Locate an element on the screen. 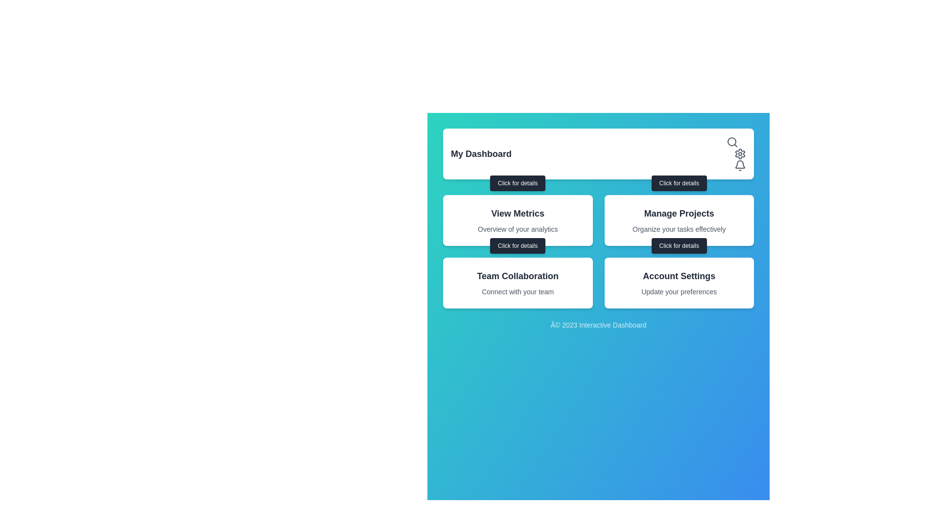 The width and height of the screenshot is (940, 528). the static text element providing a descriptive tagline for the 'Manage Projects' feature, located directly below the heading 'Manage Projects' in the second column of the grid layout is located at coordinates (679, 229).